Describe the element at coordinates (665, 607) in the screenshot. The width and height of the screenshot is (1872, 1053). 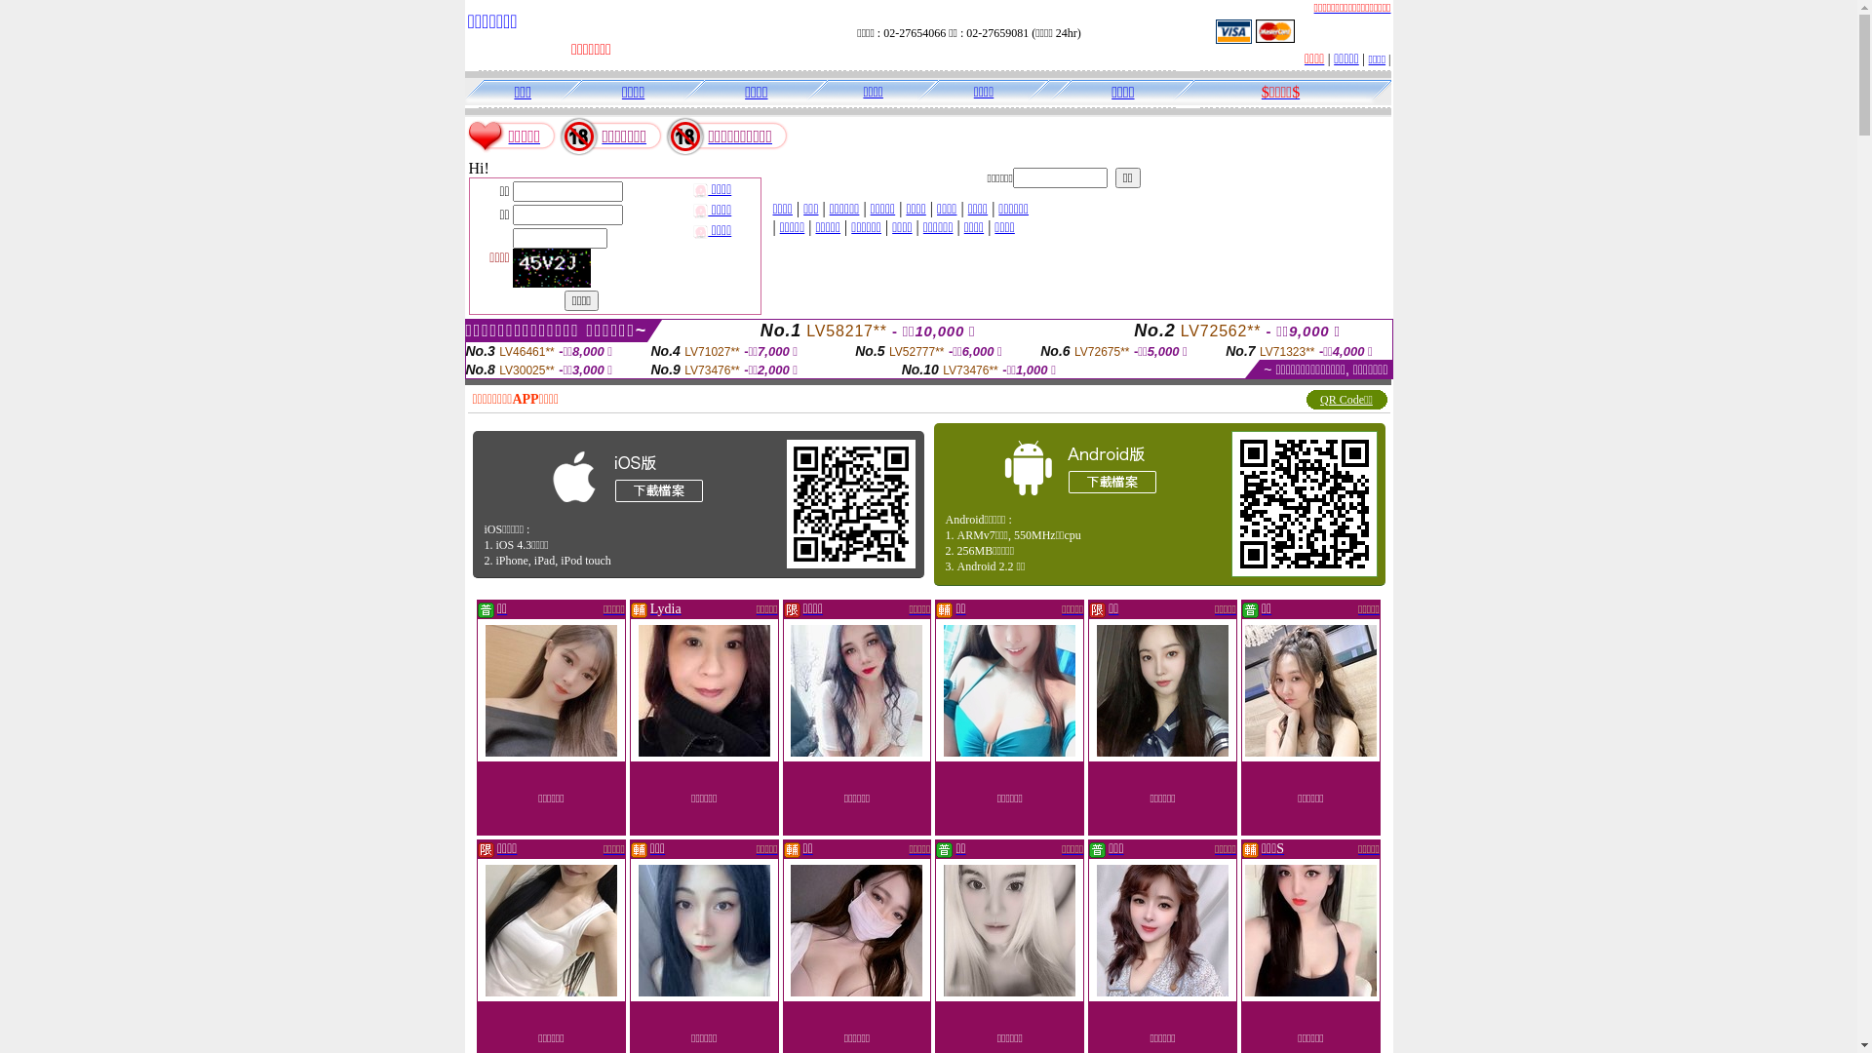
I see `'Lydia'` at that location.